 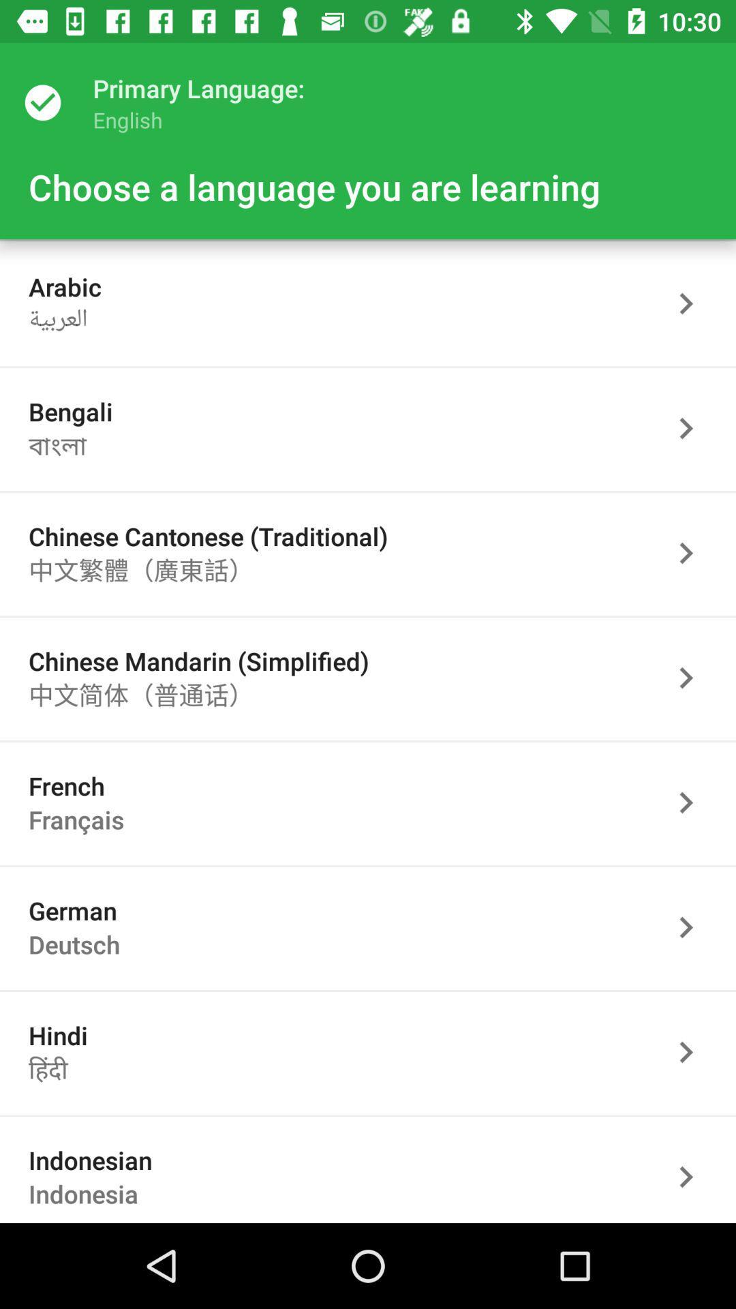 What do you see at coordinates (693, 802) in the screenshot?
I see `choose french language` at bounding box center [693, 802].